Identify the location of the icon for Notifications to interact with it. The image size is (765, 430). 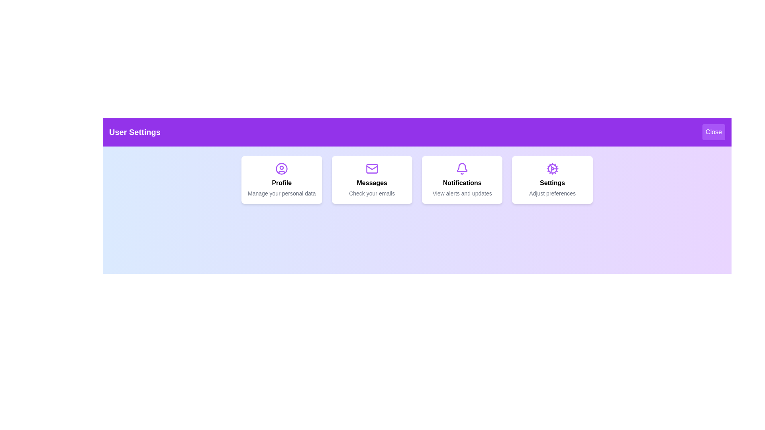
(462, 168).